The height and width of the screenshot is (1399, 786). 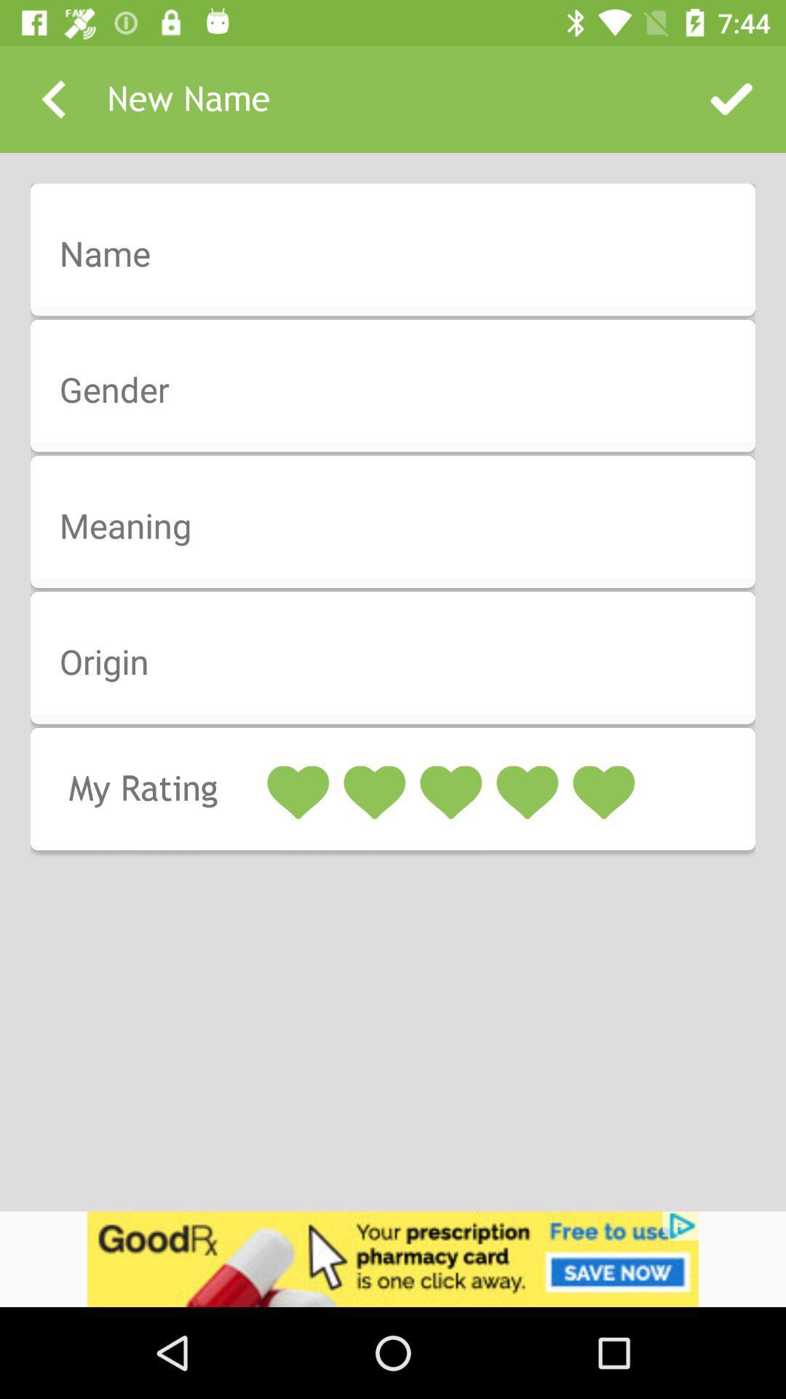 I want to click on input meaning, so click(x=402, y=526).